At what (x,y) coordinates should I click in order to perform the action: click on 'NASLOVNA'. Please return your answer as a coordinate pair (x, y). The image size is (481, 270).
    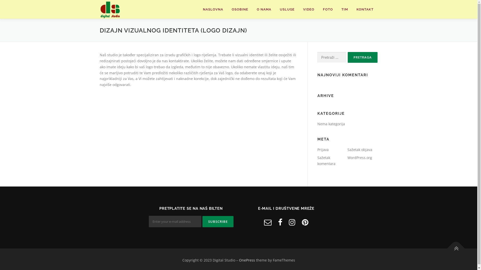
    Looking at the image, I should click on (213, 9).